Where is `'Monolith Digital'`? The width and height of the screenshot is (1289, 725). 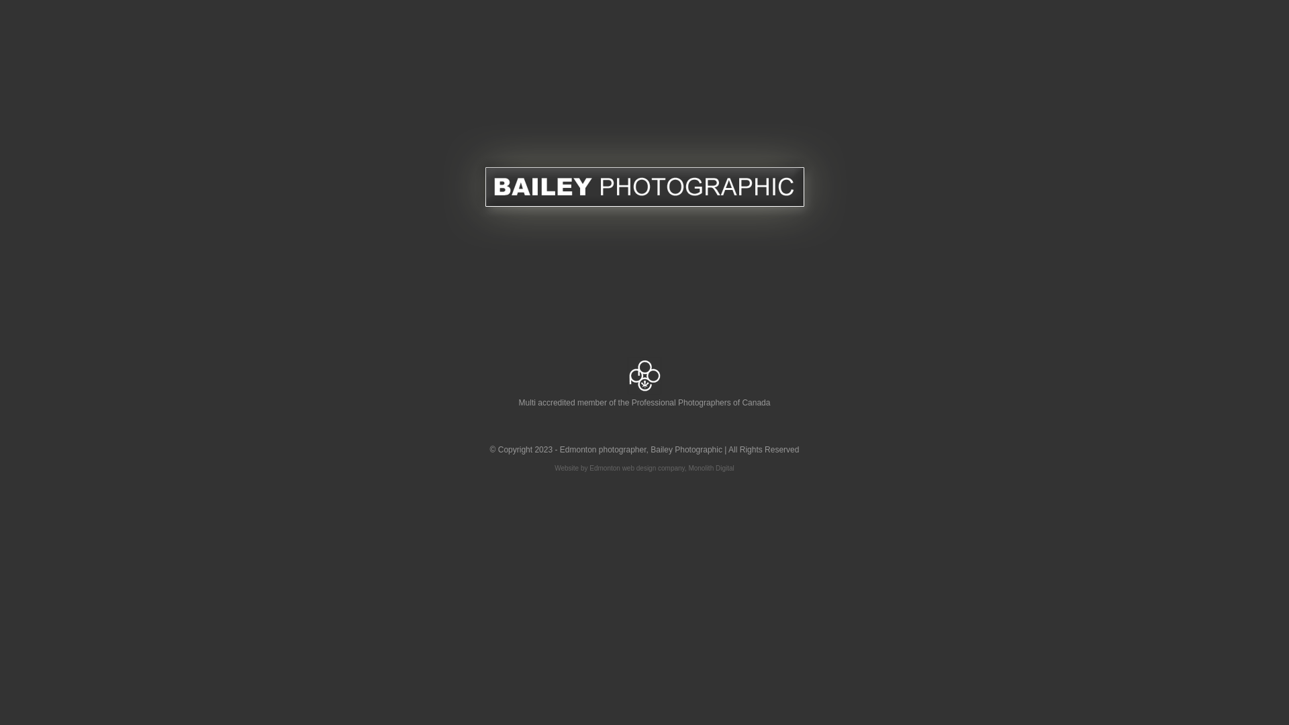 'Monolith Digital' is located at coordinates (710, 467).